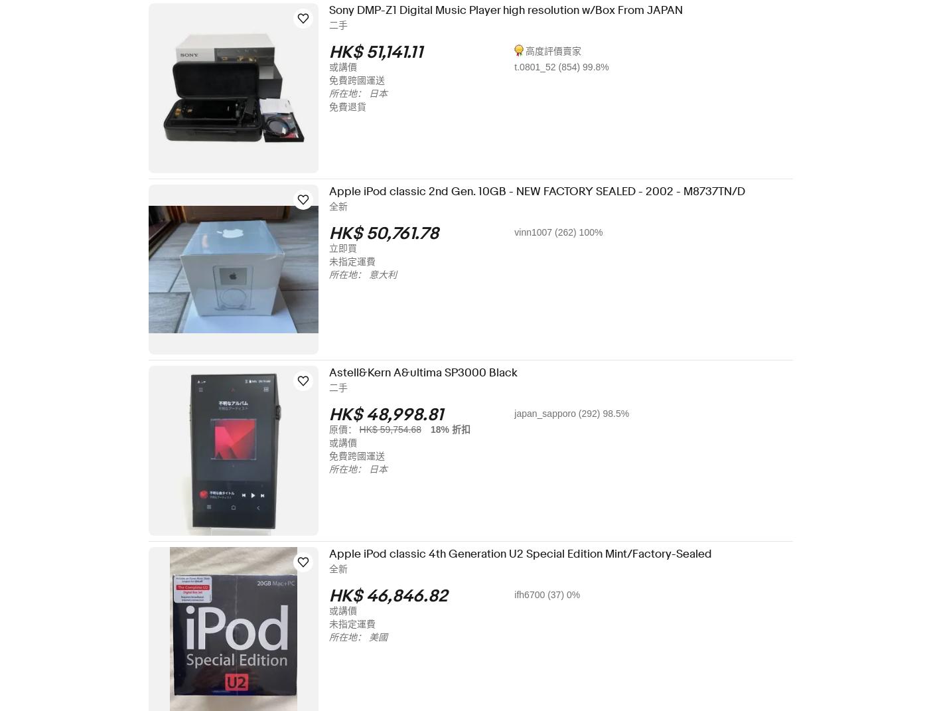  I want to click on 'ifh6700 (37) 0%', so click(555, 594).